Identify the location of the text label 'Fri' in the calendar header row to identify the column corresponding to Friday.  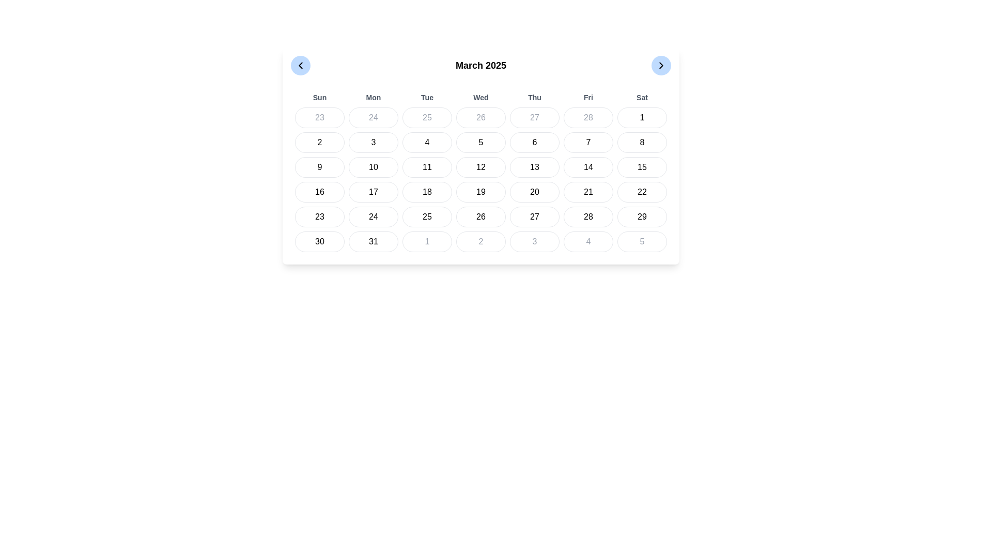
(588, 98).